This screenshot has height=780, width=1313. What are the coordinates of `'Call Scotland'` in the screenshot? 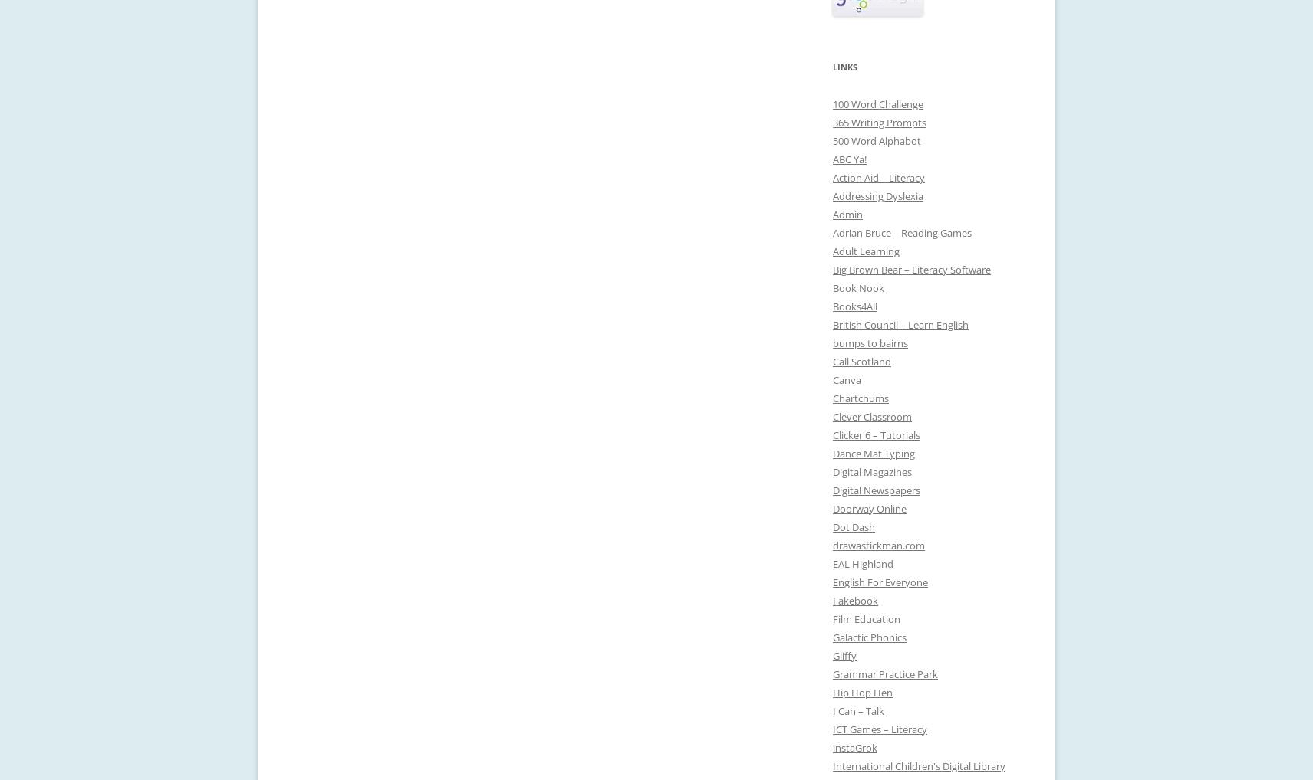 It's located at (832, 362).